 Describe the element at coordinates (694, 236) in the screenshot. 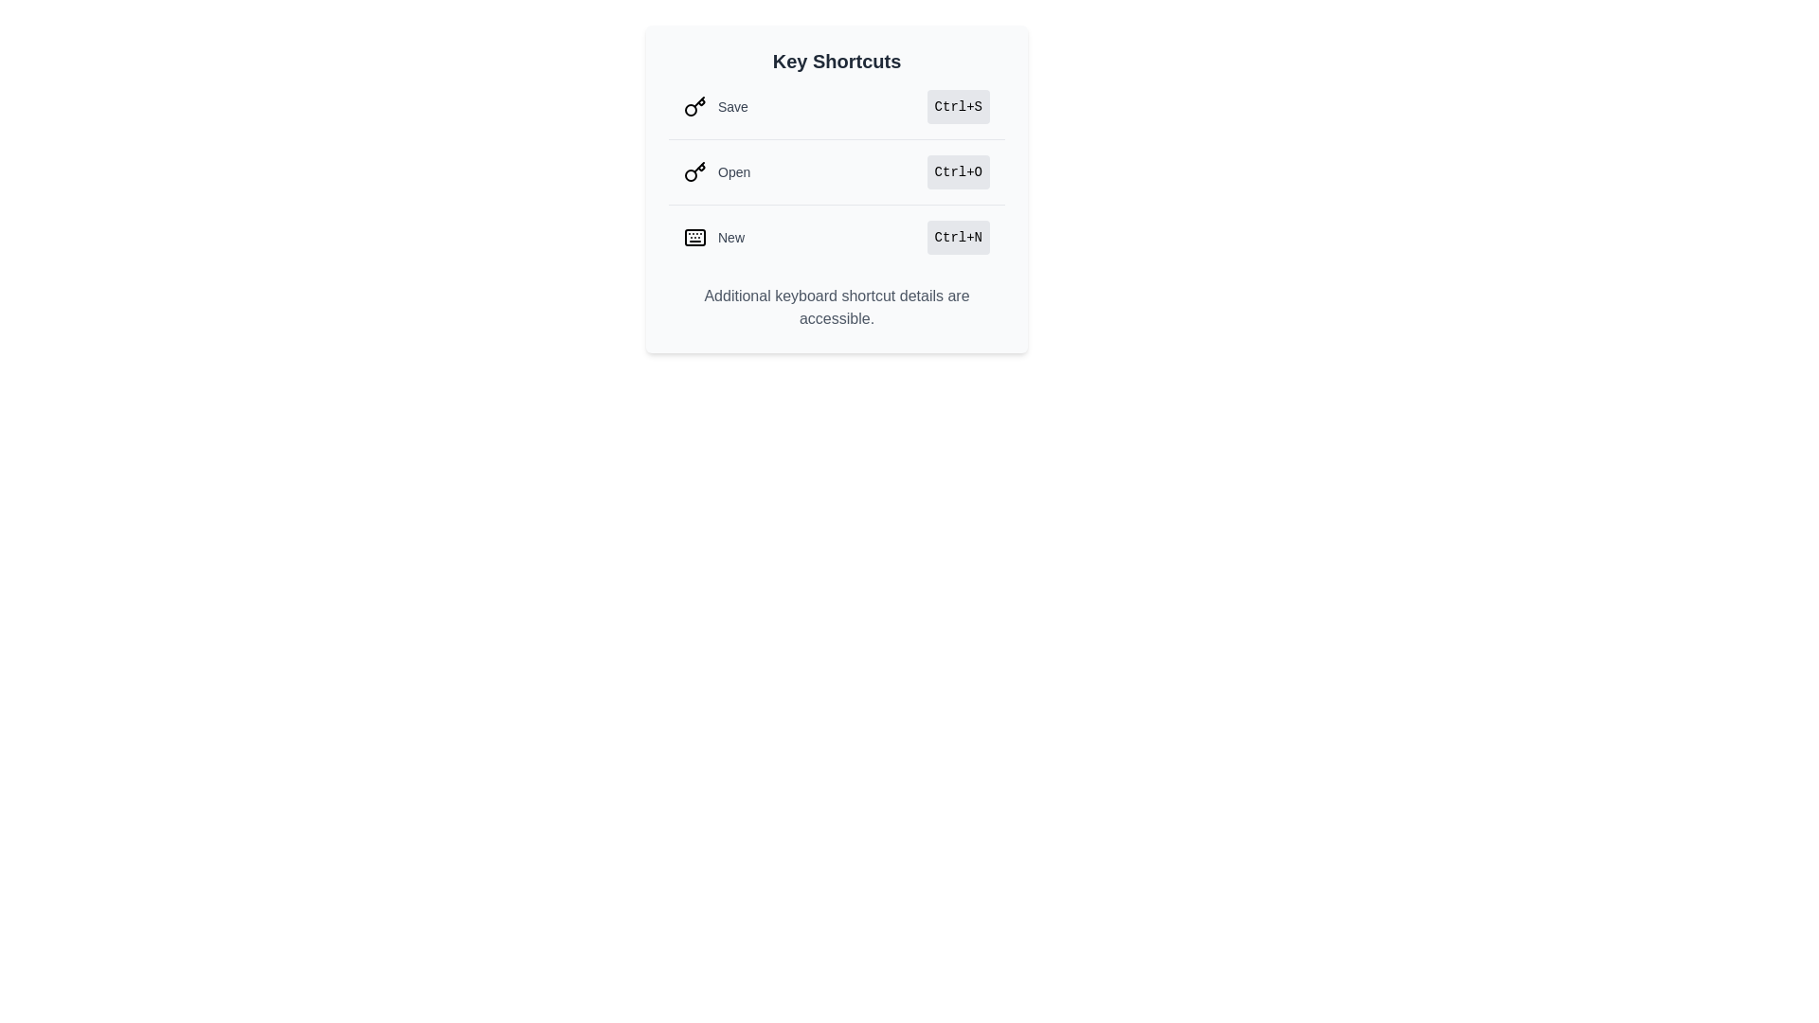

I see `the 'New' keyboard icon in the 'Key Shortcuts' panel, which represents the 'New' action alongside the label and shortcut 'Ctrl+N'` at that location.